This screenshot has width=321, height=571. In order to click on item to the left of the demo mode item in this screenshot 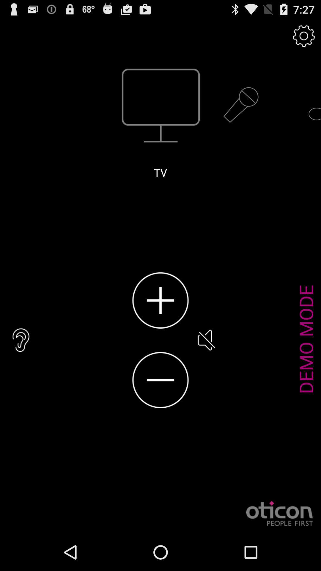, I will do `click(205, 340)`.